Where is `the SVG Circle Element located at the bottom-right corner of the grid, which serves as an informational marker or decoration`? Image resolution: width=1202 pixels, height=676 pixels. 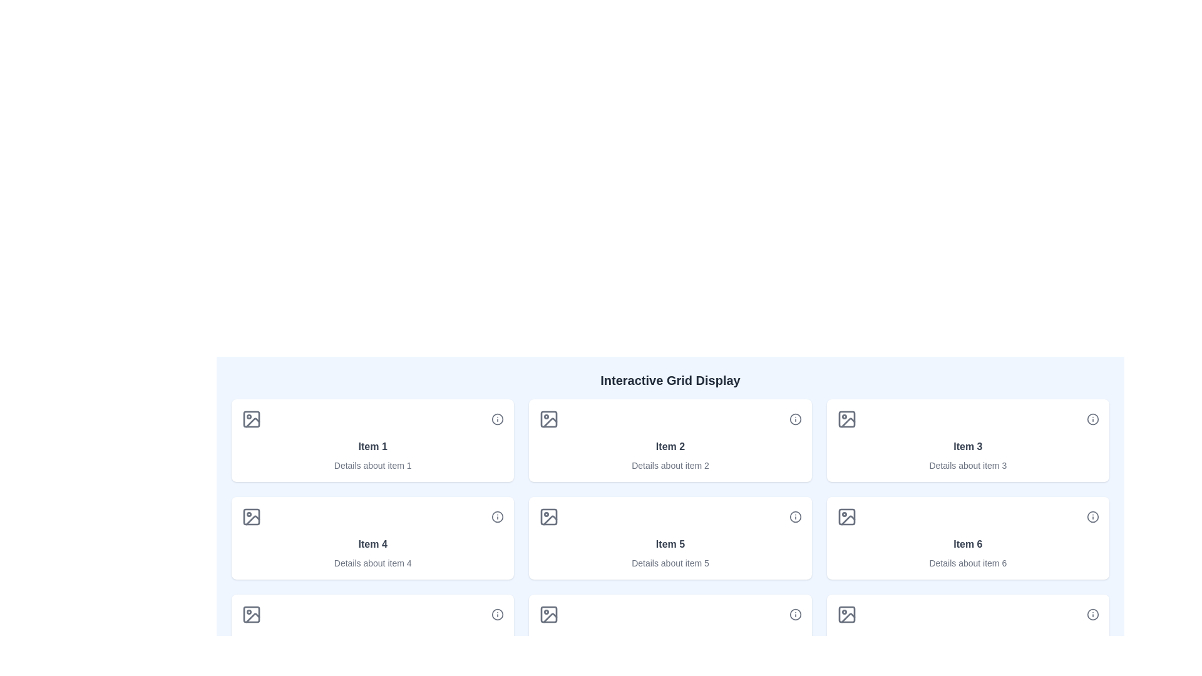 the SVG Circle Element located at the bottom-right corner of the grid, which serves as an informational marker or decoration is located at coordinates (497, 614).